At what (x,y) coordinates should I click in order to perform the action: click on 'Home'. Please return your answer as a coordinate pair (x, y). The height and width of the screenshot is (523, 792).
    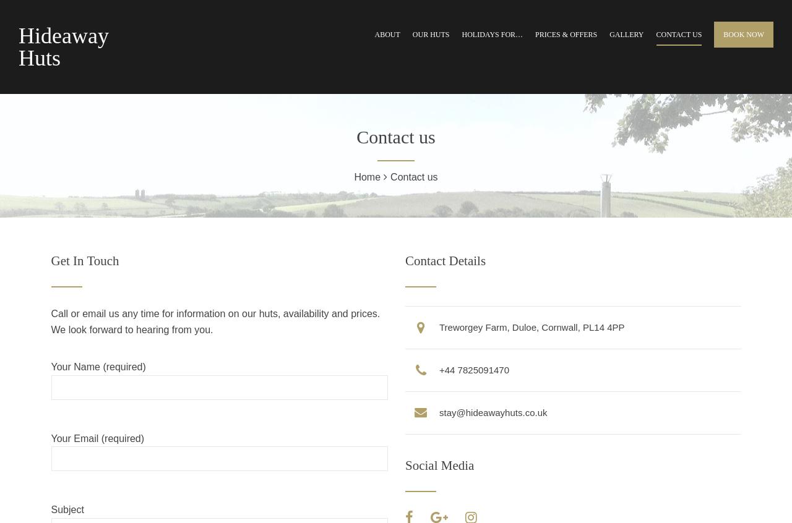
    Looking at the image, I should click on (366, 176).